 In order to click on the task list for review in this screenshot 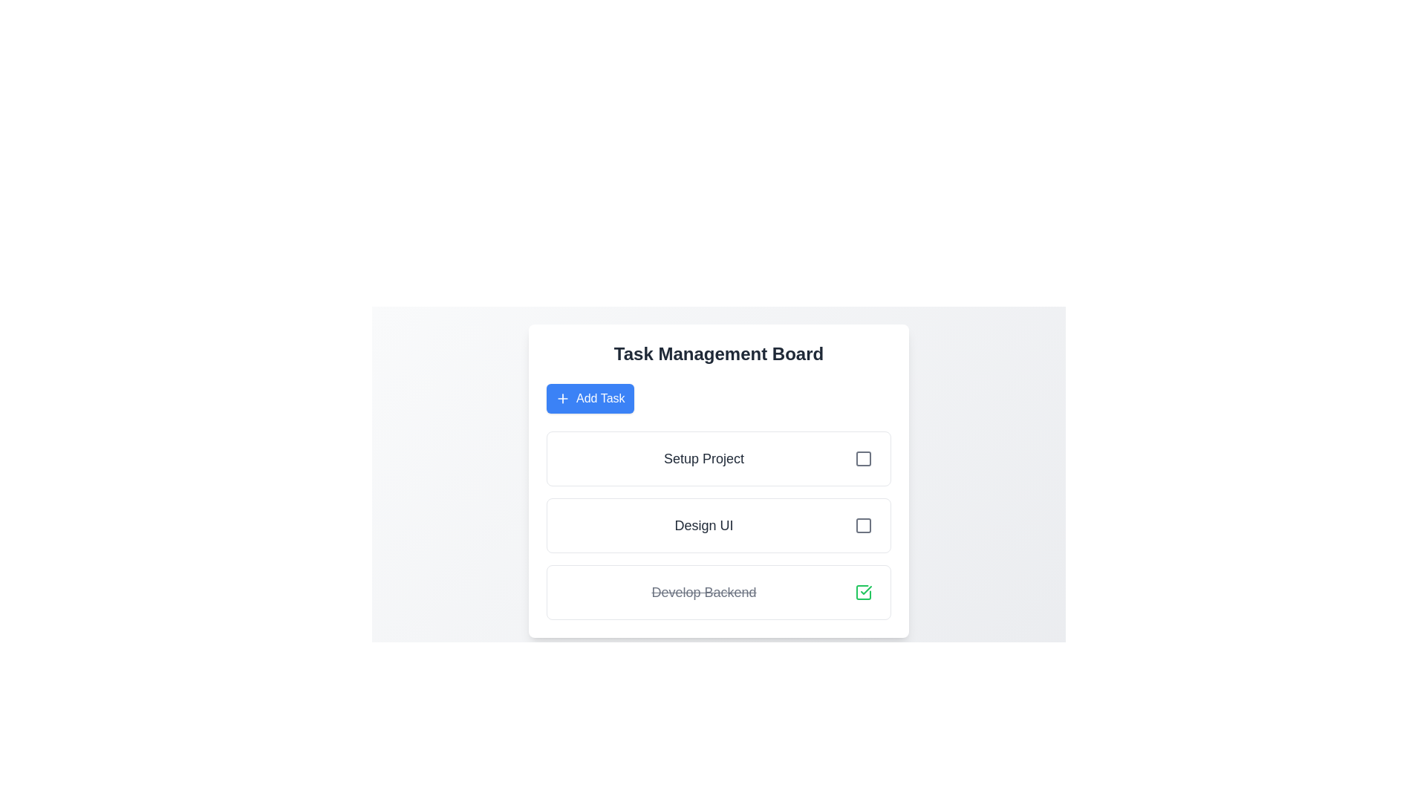, I will do `click(545, 431)`.